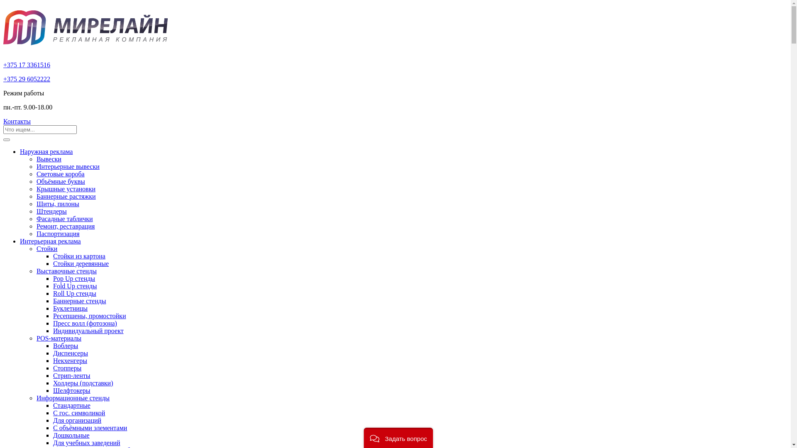  I want to click on '+375 29 6052222', so click(27, 79).